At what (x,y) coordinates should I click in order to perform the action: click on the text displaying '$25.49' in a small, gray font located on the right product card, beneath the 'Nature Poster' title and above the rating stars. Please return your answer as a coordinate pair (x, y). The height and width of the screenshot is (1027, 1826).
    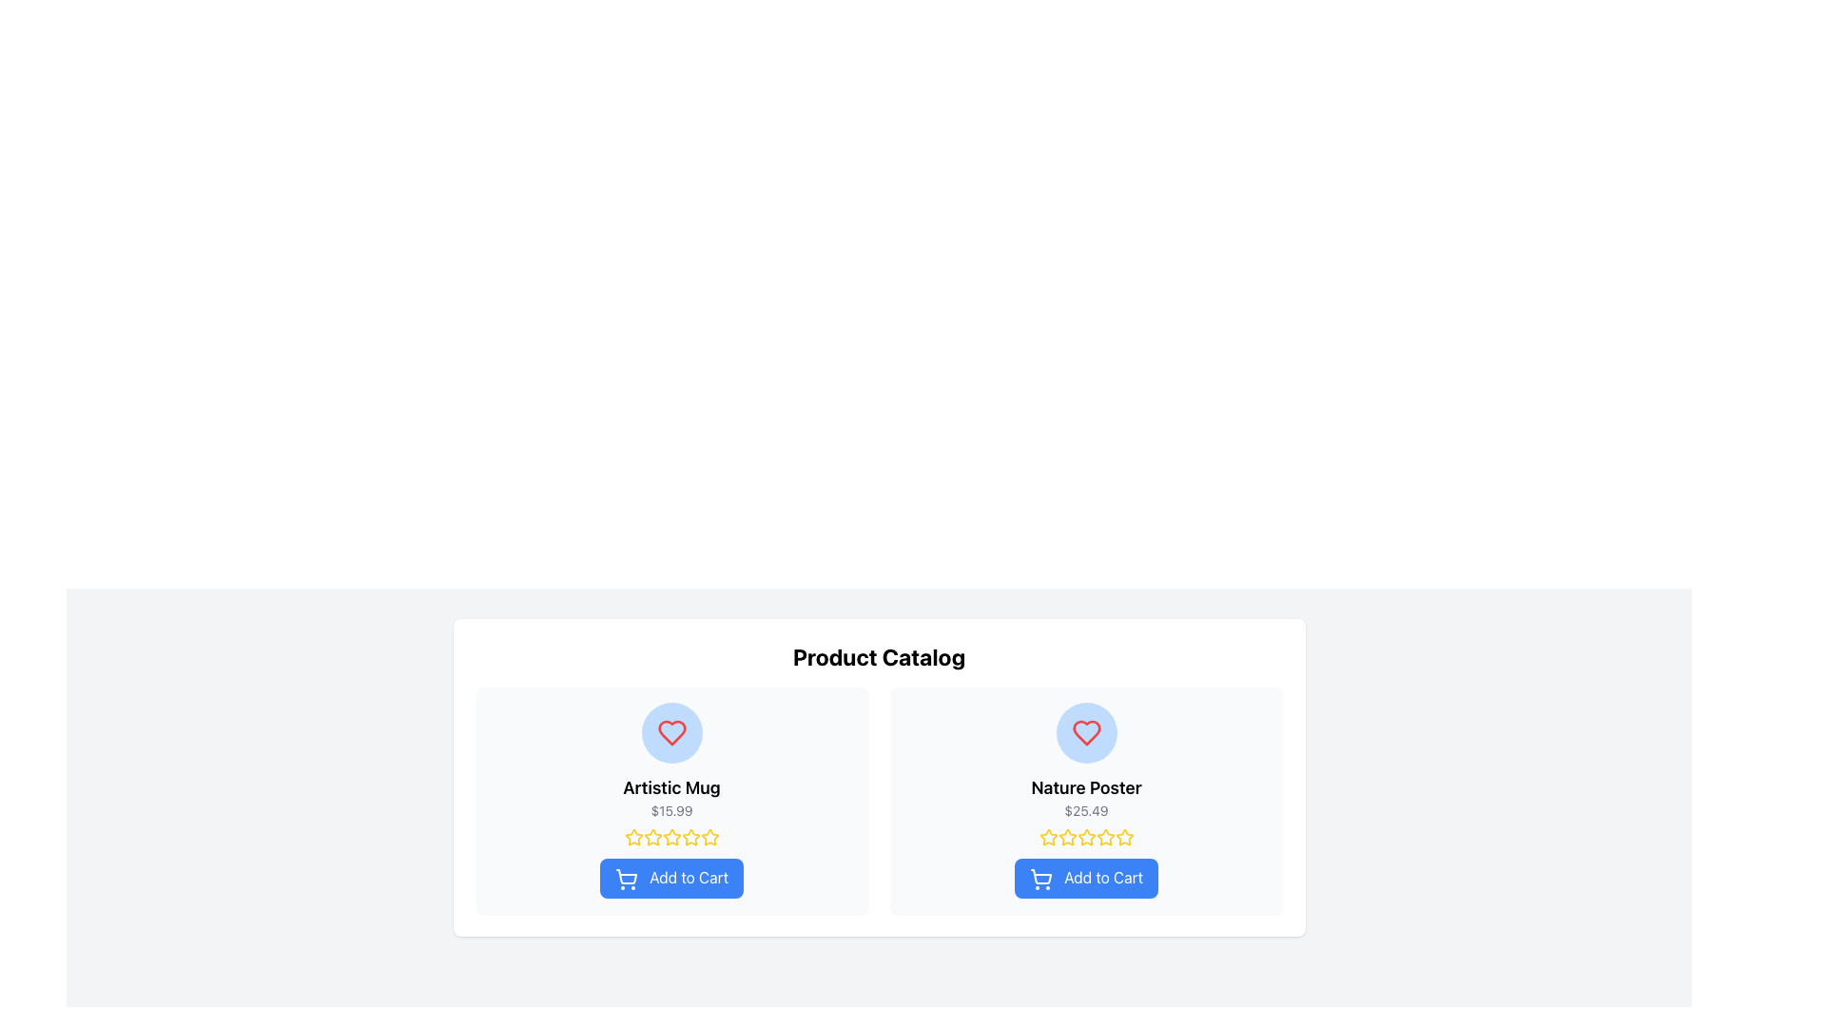
    Looking at the image, I should click on (1086, 810).